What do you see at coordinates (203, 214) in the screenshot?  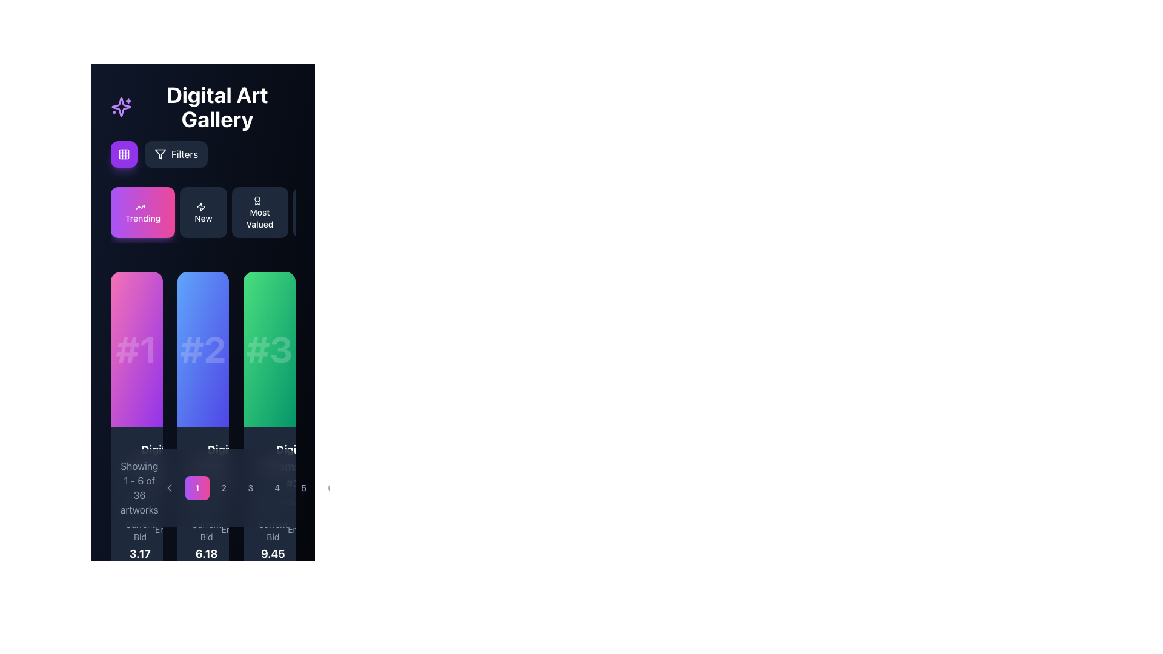 I see `the 'New' filter button, which is the second button from the left in a horizontal layout of buttons including 'Trending', 'Most Valued', and 'Ending Soon'` at bounding box center [203, 214].